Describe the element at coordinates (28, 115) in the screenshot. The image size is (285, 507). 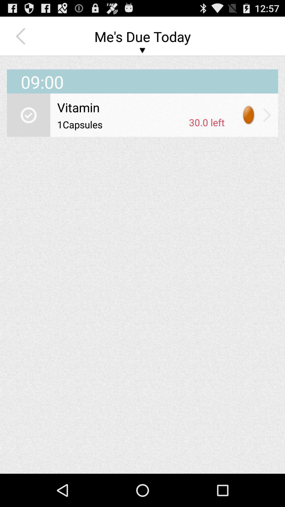
I see `icon below the 09:00` at that location.